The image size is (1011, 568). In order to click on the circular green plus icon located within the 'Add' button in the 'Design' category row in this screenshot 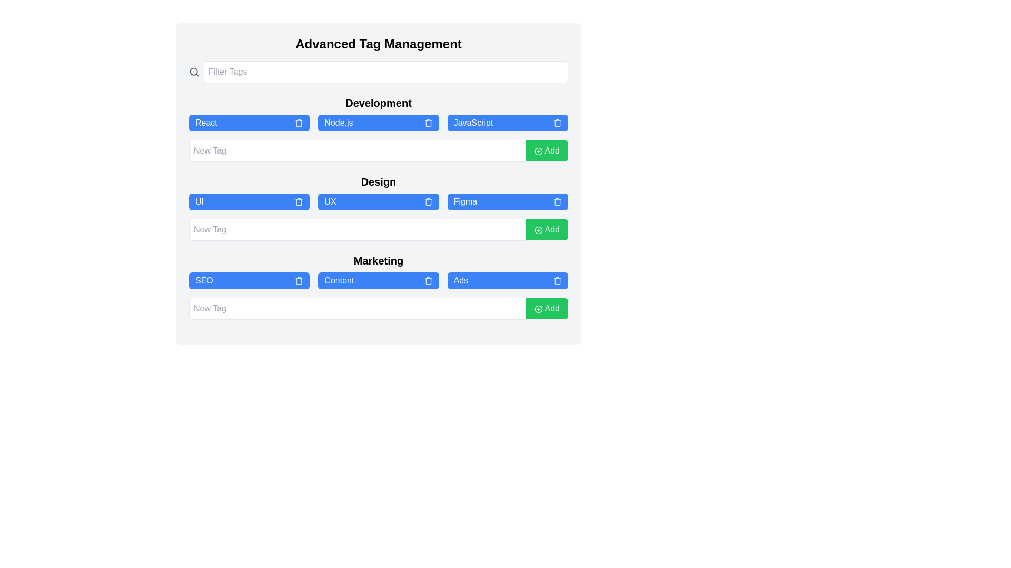, I will do `click(538, 229)`.